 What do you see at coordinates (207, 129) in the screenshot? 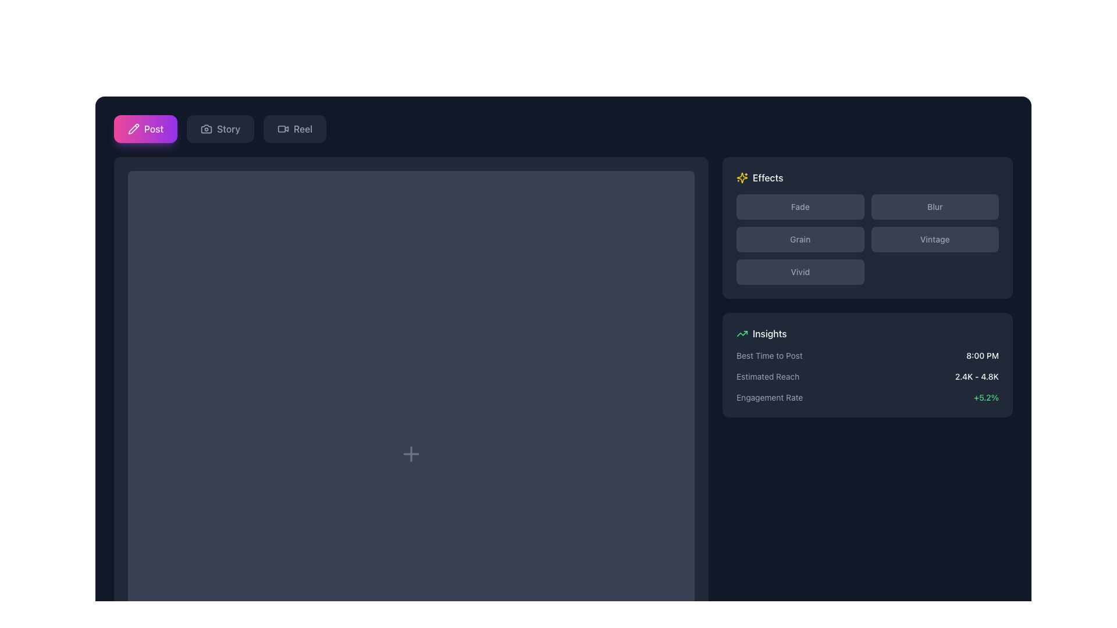
I see `the 'Story' button located at the top left of the interface, which features a camera icon to the left of the text label 'Story'` at bounding box center [207, 129].